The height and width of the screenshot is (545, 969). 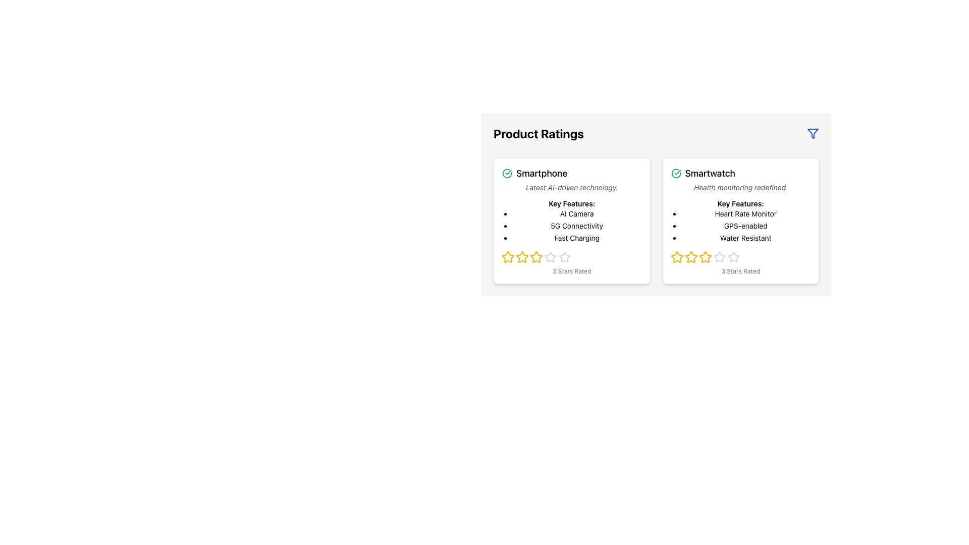 I want to click on the first Rating Star in the rating section of the 'Smartphone' product card to give a rating, so click(x=508, y=256).